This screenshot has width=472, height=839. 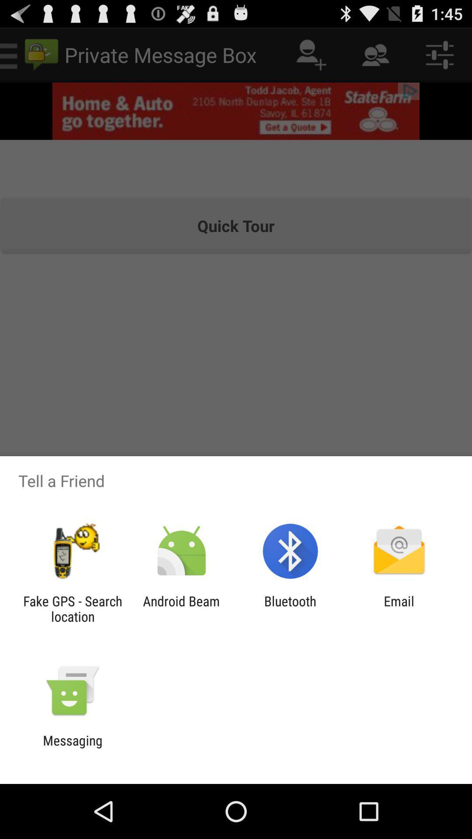 What do you see at coordinates (181, 608) in the screenshot?
I see `the app to the right of the fake gps search icon` at bounding box center [181, 608].